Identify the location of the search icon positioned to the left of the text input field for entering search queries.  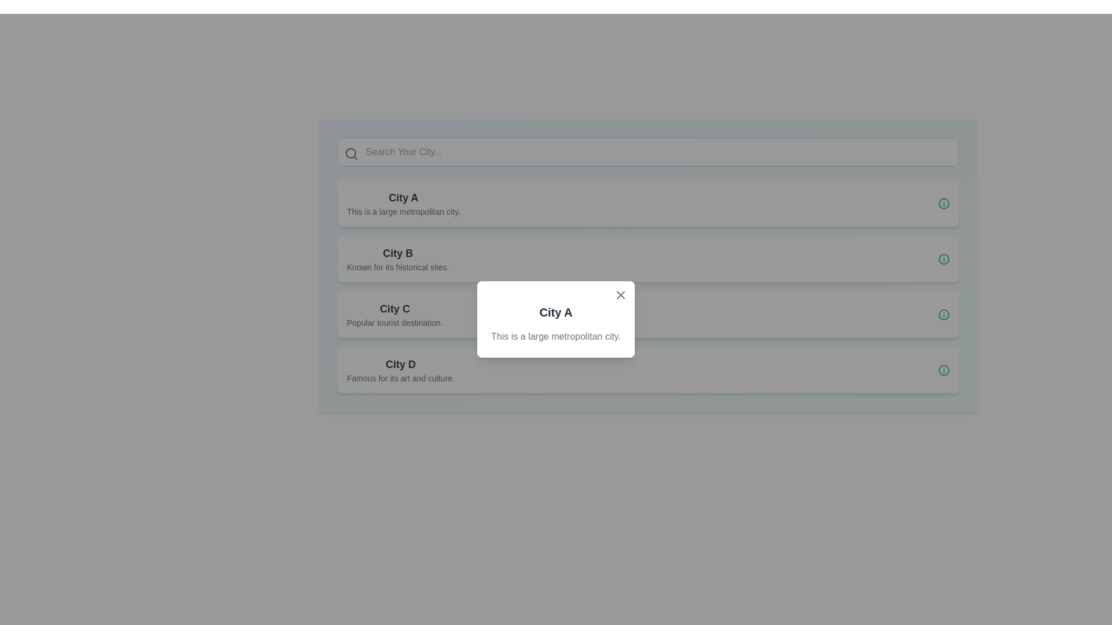
(350, 153).